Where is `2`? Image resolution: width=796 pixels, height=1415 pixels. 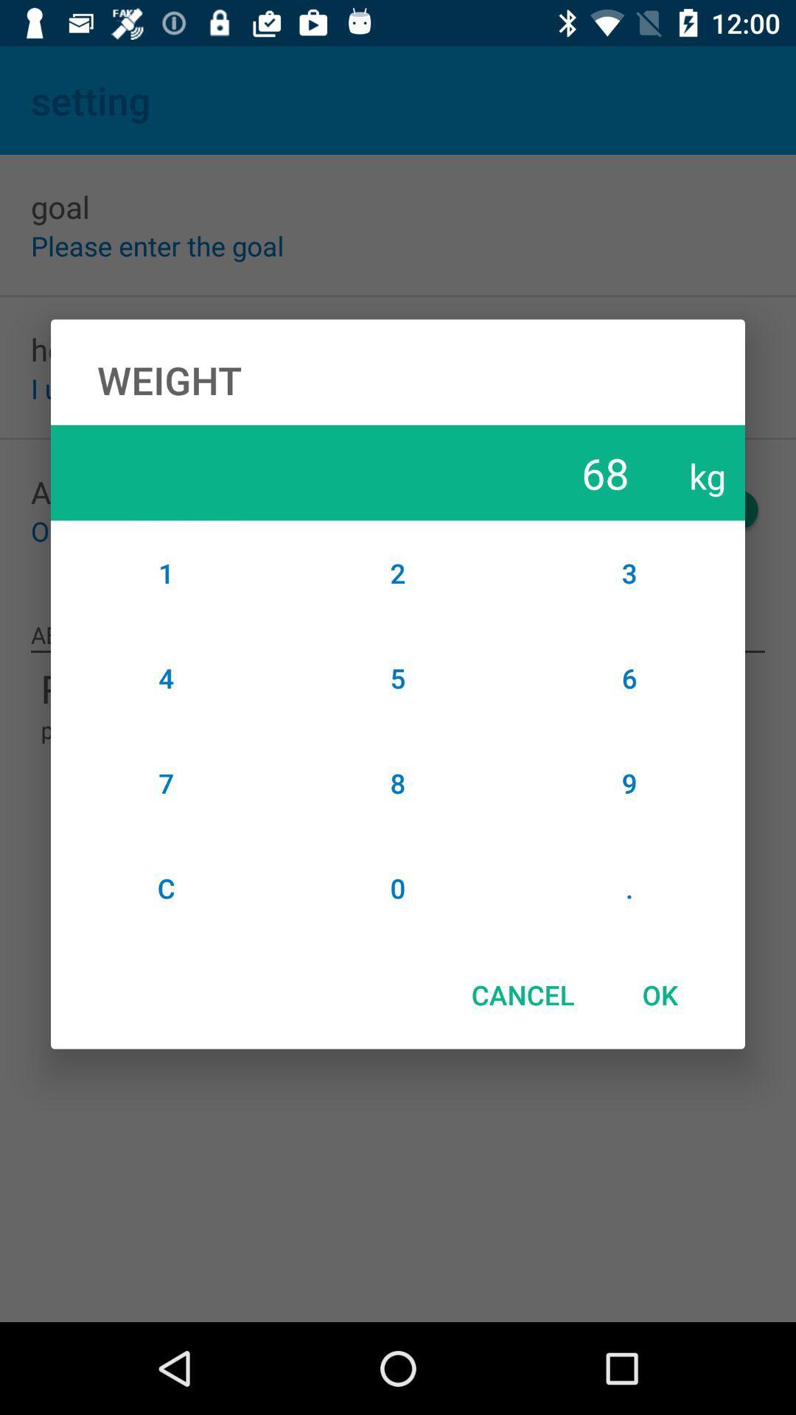
2 is located at coordinates (398, 572).